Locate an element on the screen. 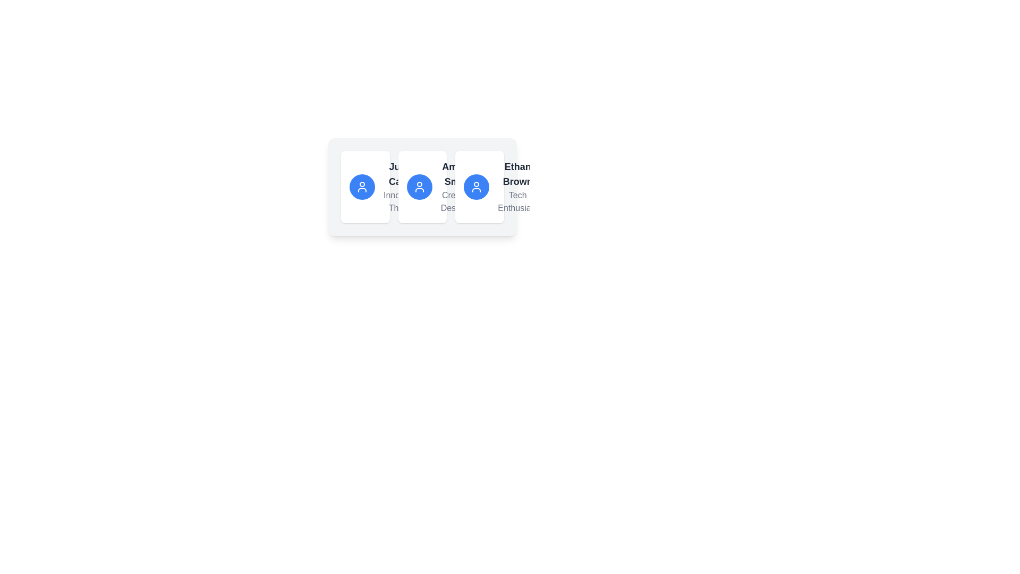 The image size is (1020, 574). the circular blue icon depicting a white outline of a user, representing the profile of 'Amber Smith', which is the second element in a series of user profile icons is located at coordinates (419, 186).